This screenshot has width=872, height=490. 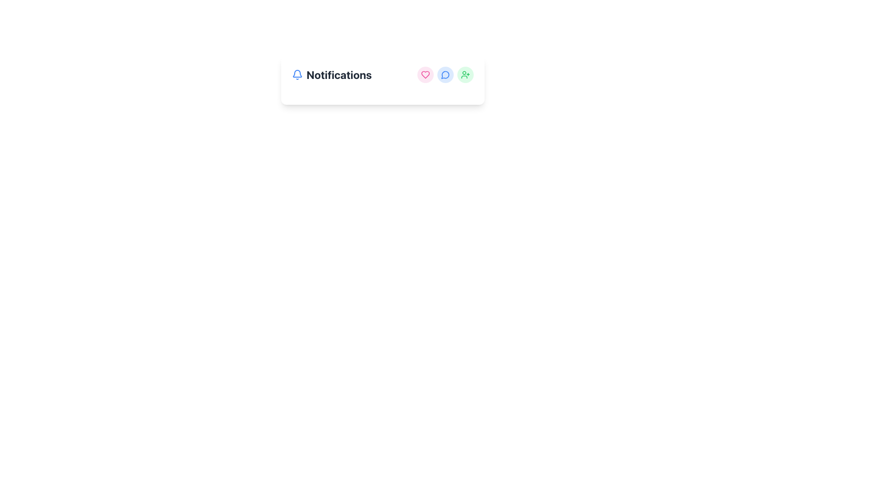 What do you see at coordinates (445, 74) in the screenshot?
I see `the circular speech bubble icon with a blue stroke design` at bounding box center [445, 74].